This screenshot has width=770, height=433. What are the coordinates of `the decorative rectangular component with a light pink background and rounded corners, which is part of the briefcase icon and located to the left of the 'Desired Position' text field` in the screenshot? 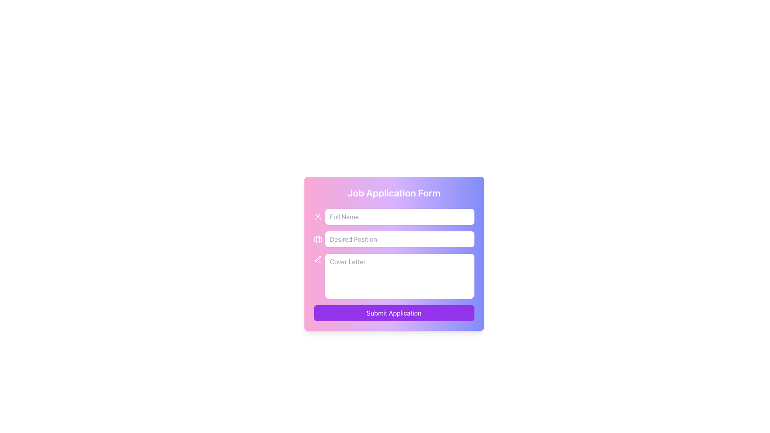 It's located at (317, 239).